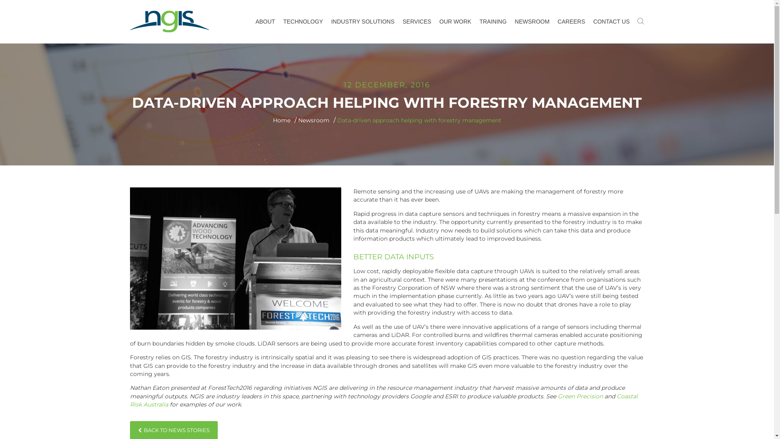 Image resolution: width=780 pixels, height=439 pixels. What do you see at coordinates (327, 21) in the screenshot?
I see `'INDUSTRY SOLUTIONS'` at bounding box center [327, 21].